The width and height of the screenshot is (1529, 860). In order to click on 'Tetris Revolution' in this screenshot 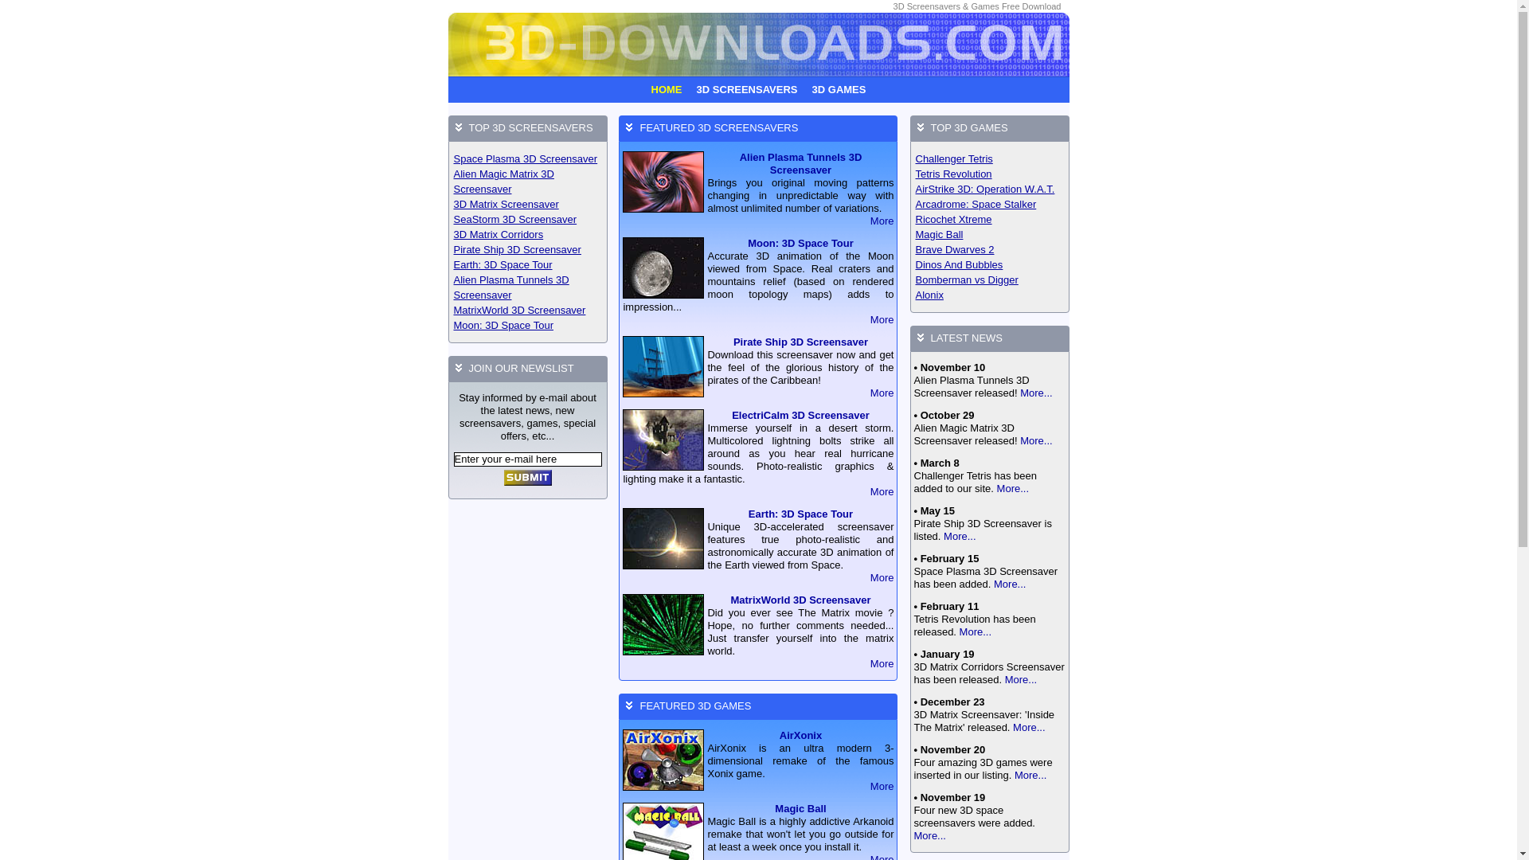, I will do `click(989, 174)`.